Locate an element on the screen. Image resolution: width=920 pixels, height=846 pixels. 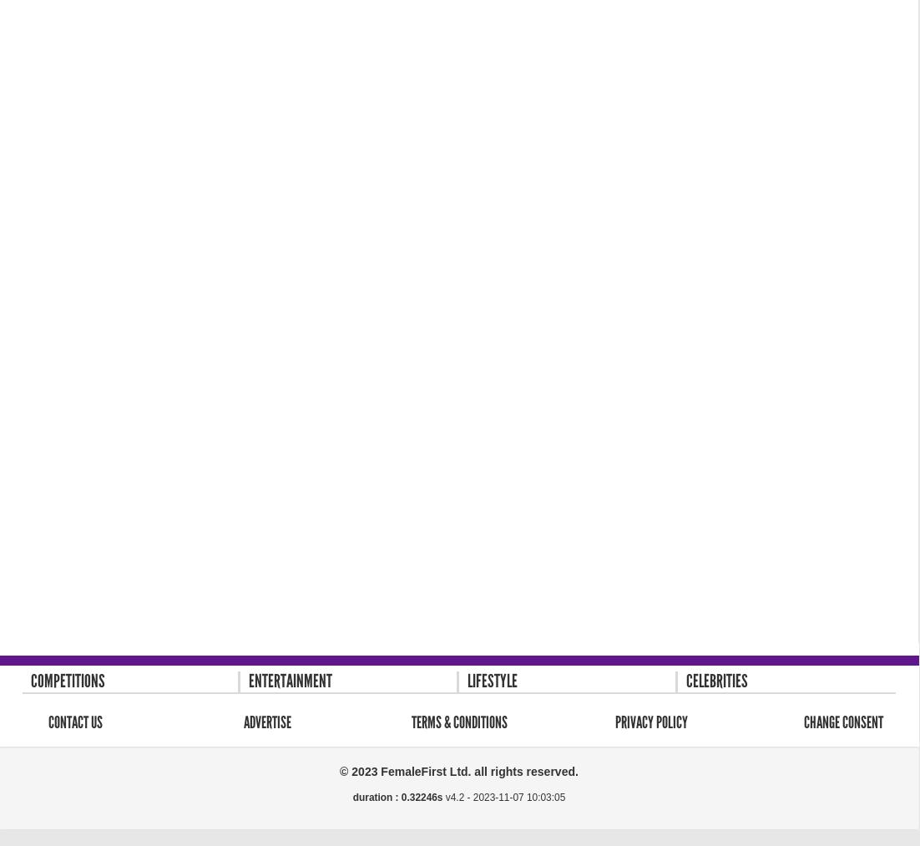
'Privacy Policy' is located at coordinates (650, 720).